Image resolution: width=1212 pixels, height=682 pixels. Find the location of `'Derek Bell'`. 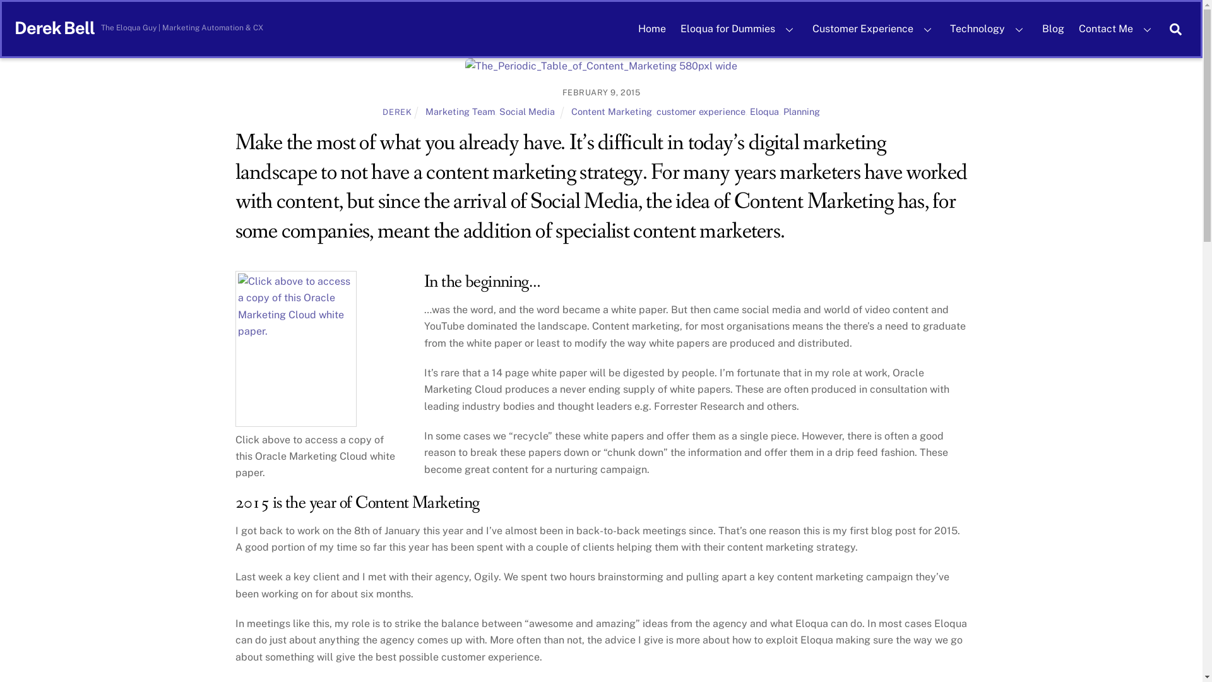

'Derek Bell' is located at coordinates (54, 27).